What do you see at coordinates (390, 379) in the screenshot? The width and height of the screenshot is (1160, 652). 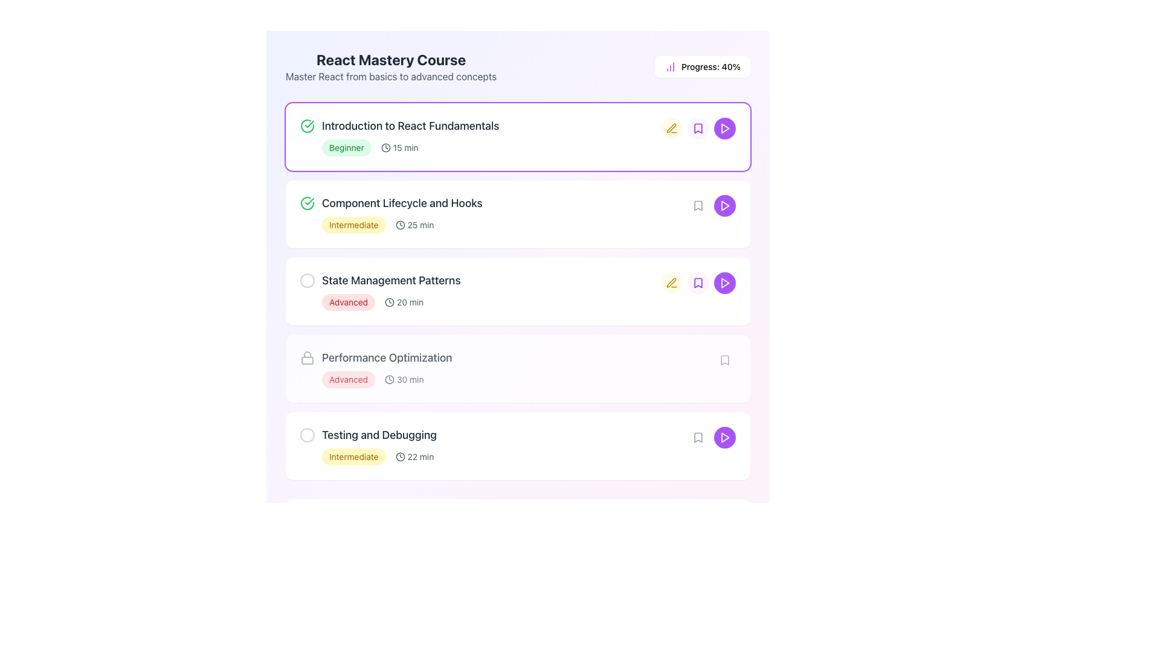 I see `the small, circular clock icon with a hollow center located in the 'Performance Optimization' section, adjacent to the '30 min' text label` at bounding box center [390, 379].